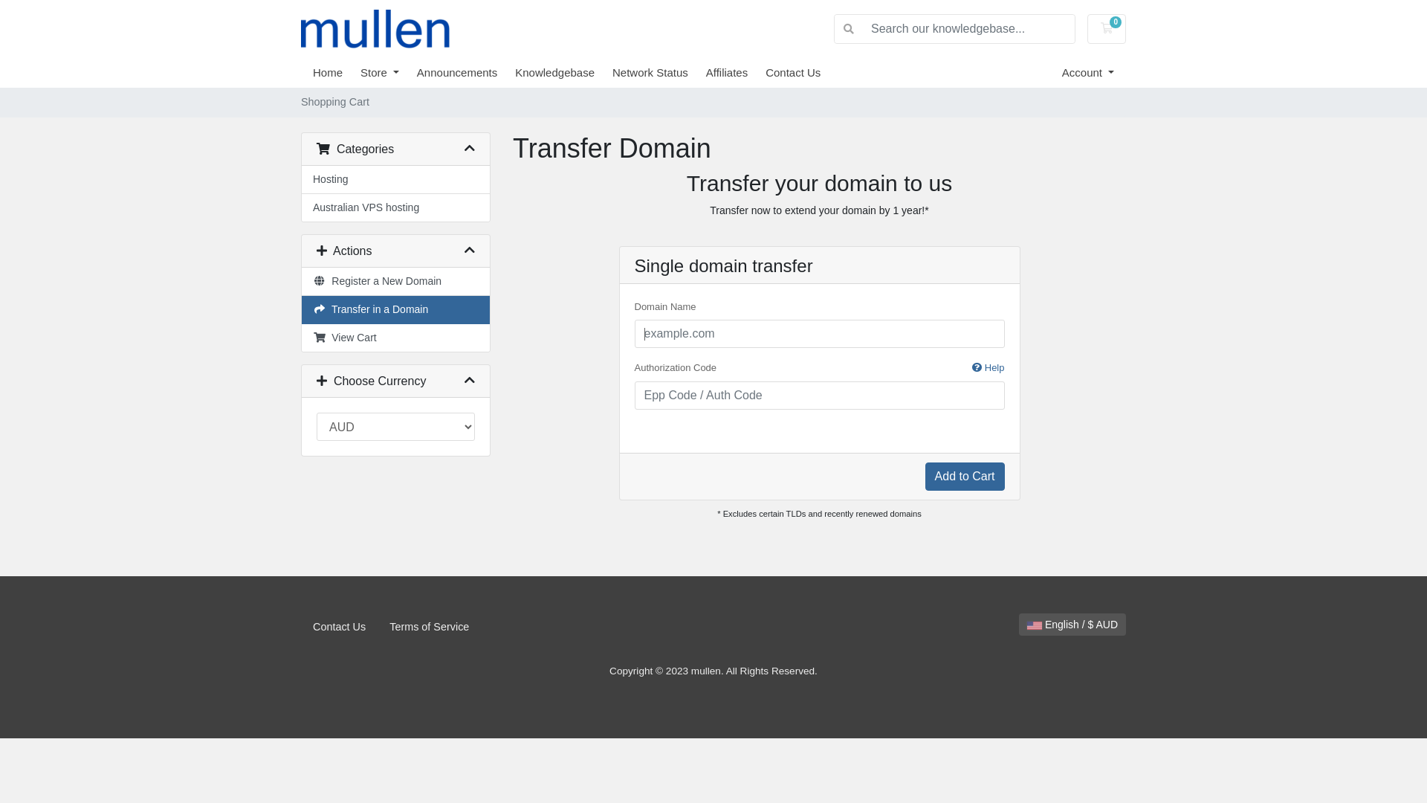 The height and width of the screenshot is (803, 1427). I want to click on 'Knowledgebase', so click(563, 72).